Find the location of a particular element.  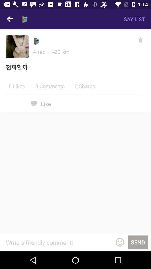

the emoji icon is located at coordinates (119, 242).